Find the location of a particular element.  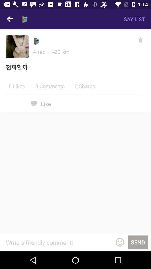

the emoji icon is located at coordinates (119, 242).